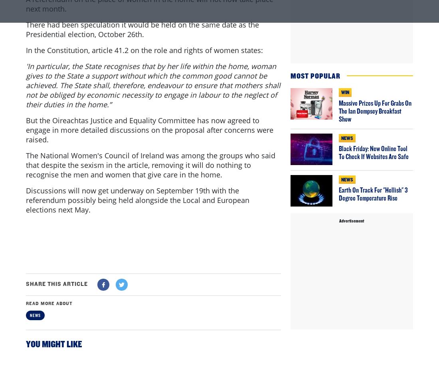 This screenshot has height=376, width=439. What do you see at coordinates (137, 232) in the screenshot?
I see `'Discussions will now get underway on September 19th with the referendum possibly being held alongside the Local and European elections next May.'` at bounding box center [137, 232].